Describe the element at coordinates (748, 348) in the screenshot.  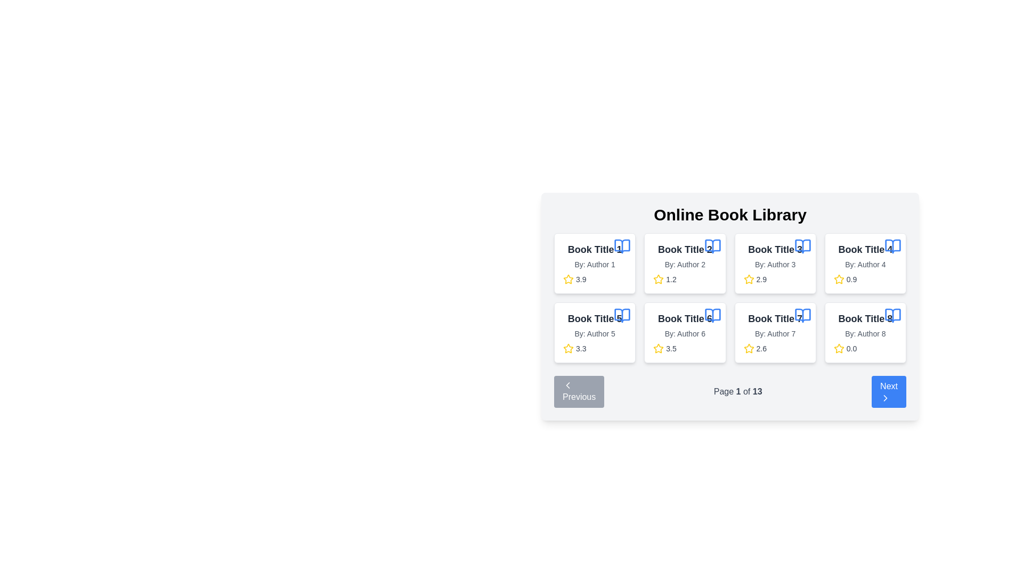
I see `the decorative icon representing the rating for the book listed under 'Book Title 7' in the Online Book Library` at that location.